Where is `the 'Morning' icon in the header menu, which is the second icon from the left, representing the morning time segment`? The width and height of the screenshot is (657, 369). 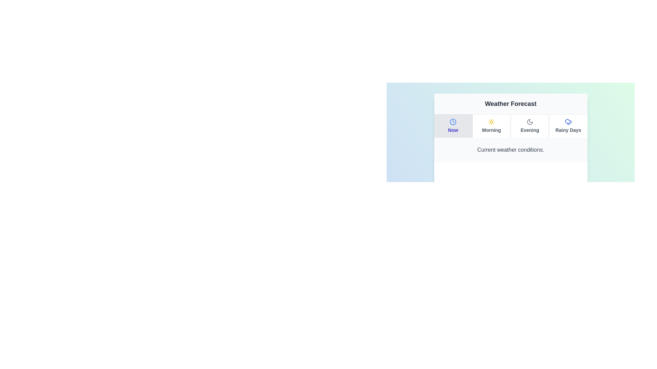 the 'Morning' icon in the header menu, which is the second icon from the left, representing the morning time segment is located at coordinates (491, 122).